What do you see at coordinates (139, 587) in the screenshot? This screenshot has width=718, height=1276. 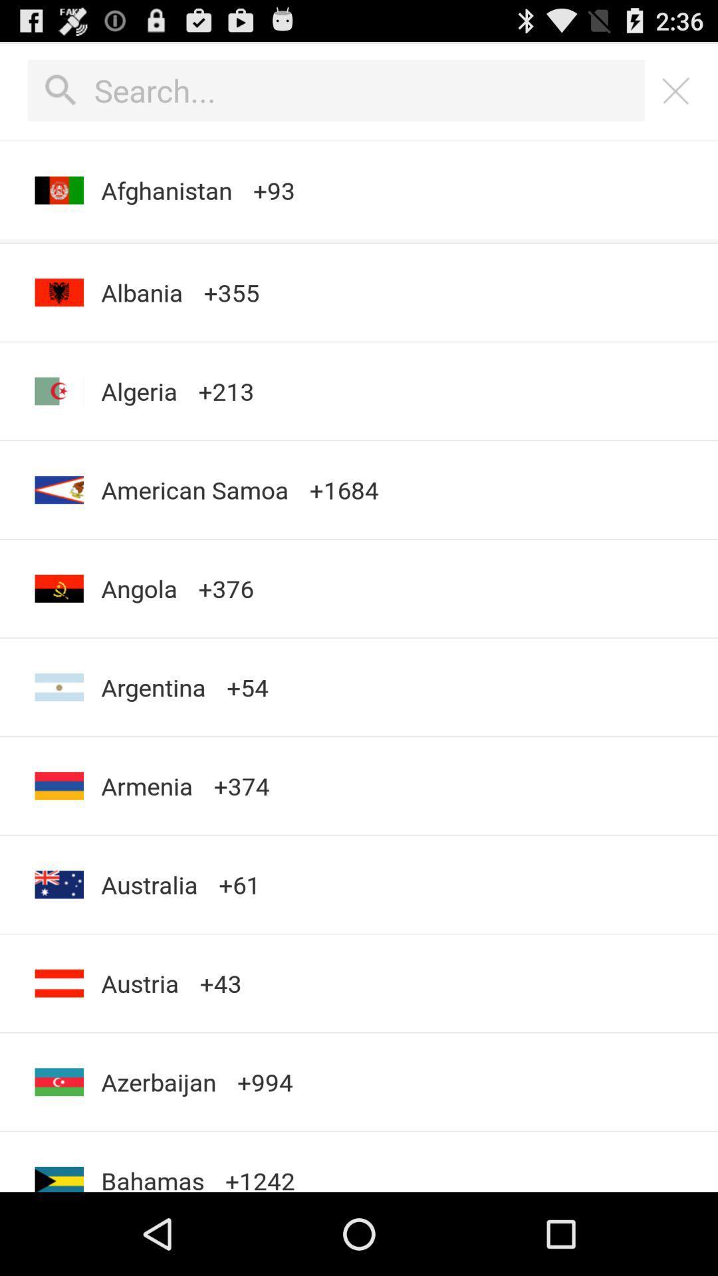 I see `the angola icon` at bounding box center [139, 587].